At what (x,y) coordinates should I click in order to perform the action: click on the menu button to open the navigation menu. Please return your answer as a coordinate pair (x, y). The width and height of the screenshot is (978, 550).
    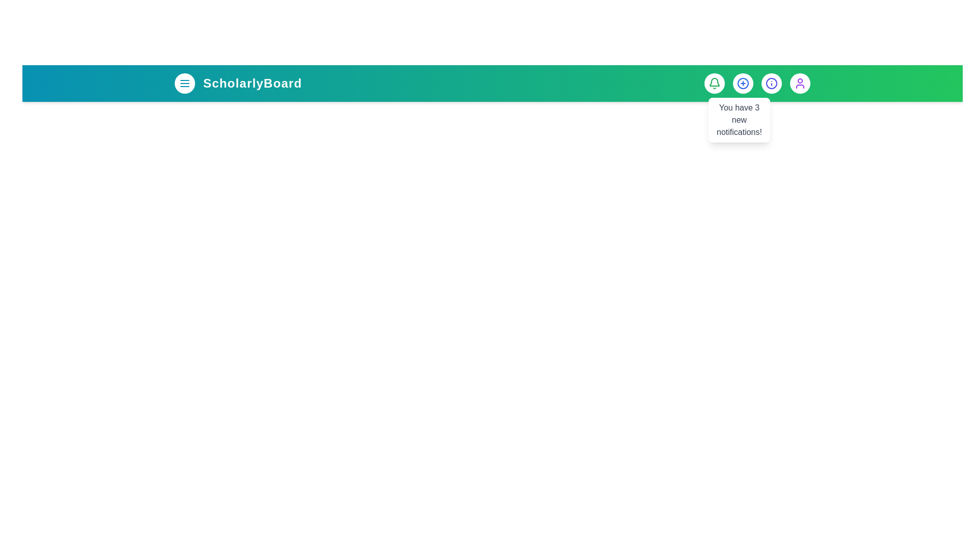
    Looking at the image, I should click on (185, 83).